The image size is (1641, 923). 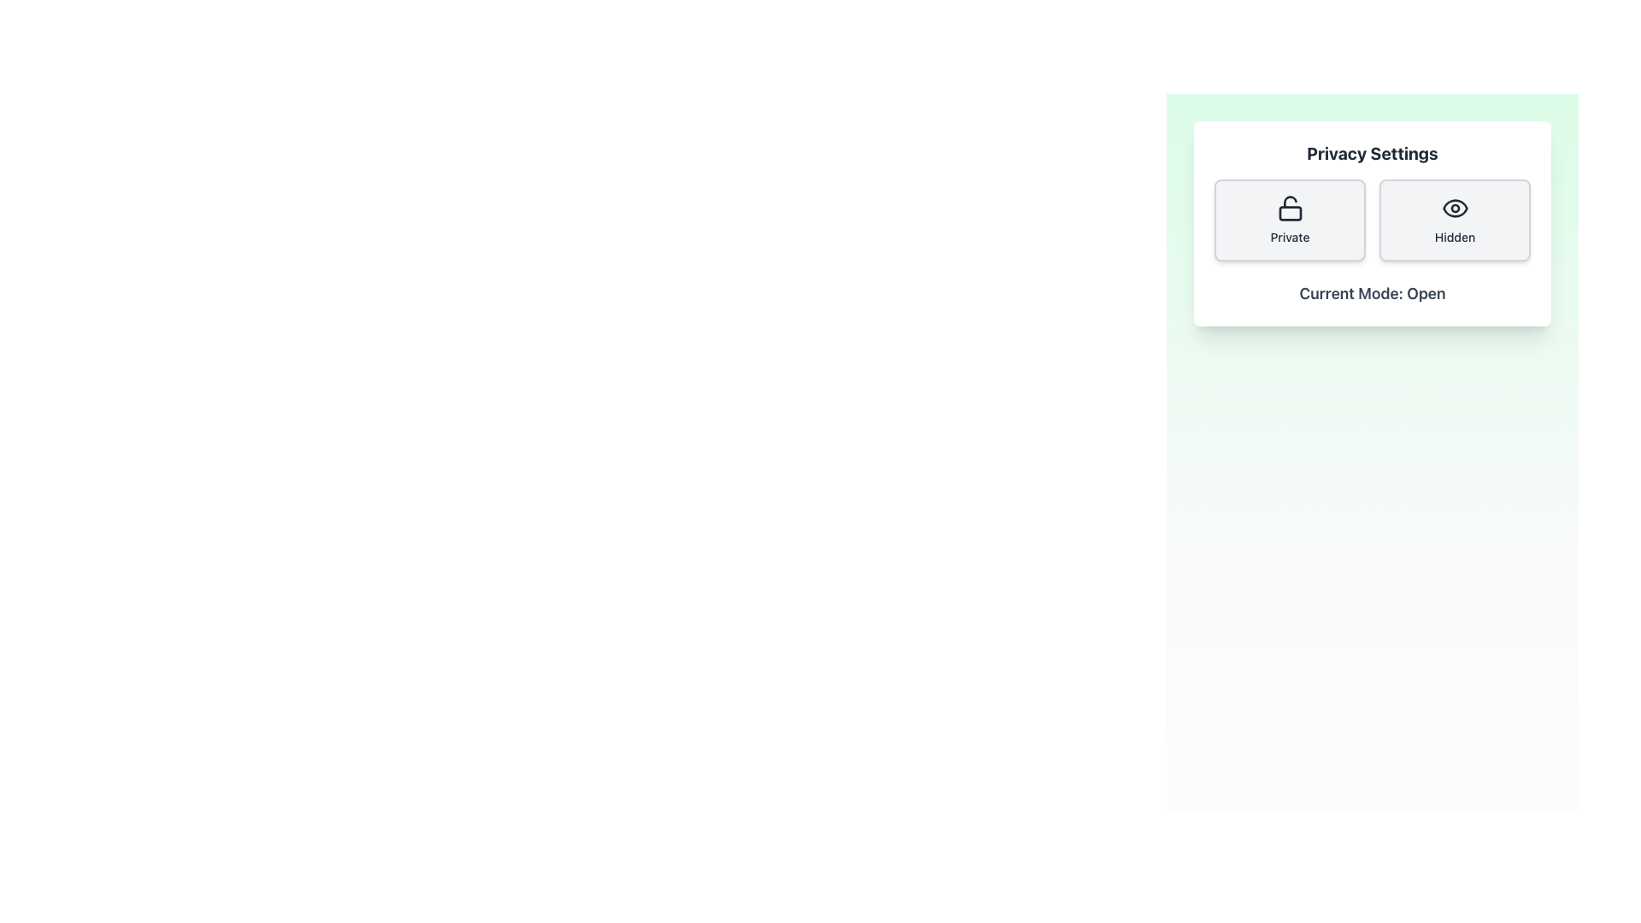 What do you see at coordinates (1290, 213) in the screenshot?
I see `the small rectangular lock body icon located within the graphical lock representation under the 'Private' option in the 'Privacy Settings' section, positioned to the left of the 'Hidden' icon` at bounding box center [1290, 213].